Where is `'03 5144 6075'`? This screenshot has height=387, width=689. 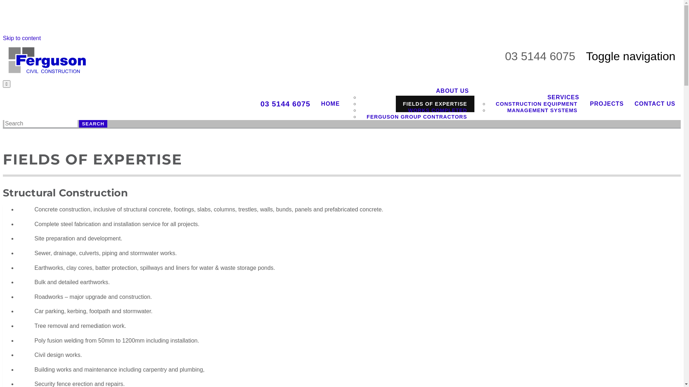
'03 5144 6075' is located at coordinates (285, 104).